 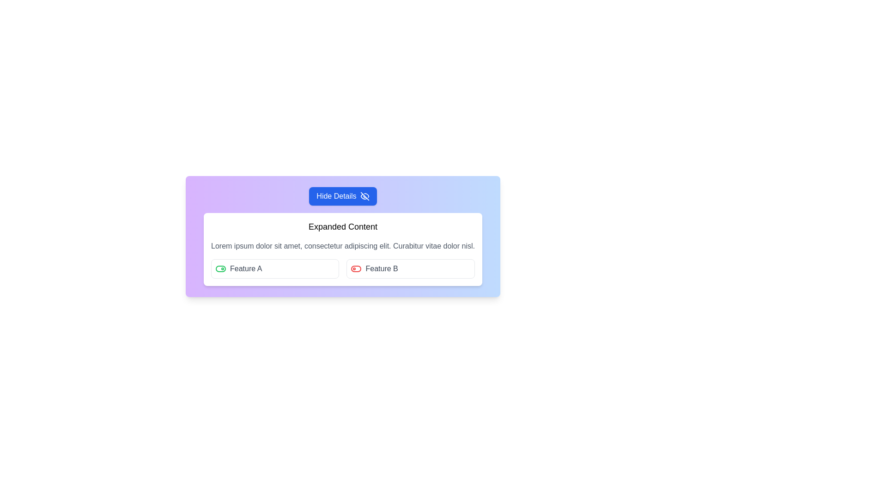 I want to click on the toggle button located at the bottom right corner of the grid to change its state, so click(x=410, y=269).